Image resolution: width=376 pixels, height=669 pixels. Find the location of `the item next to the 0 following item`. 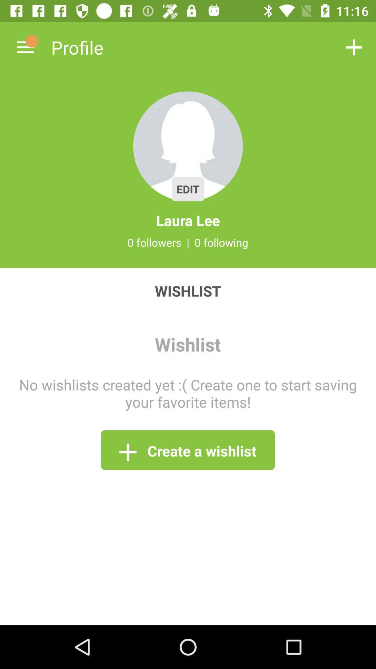

the item next to the 0 following item is located at coordinates (188, 242).